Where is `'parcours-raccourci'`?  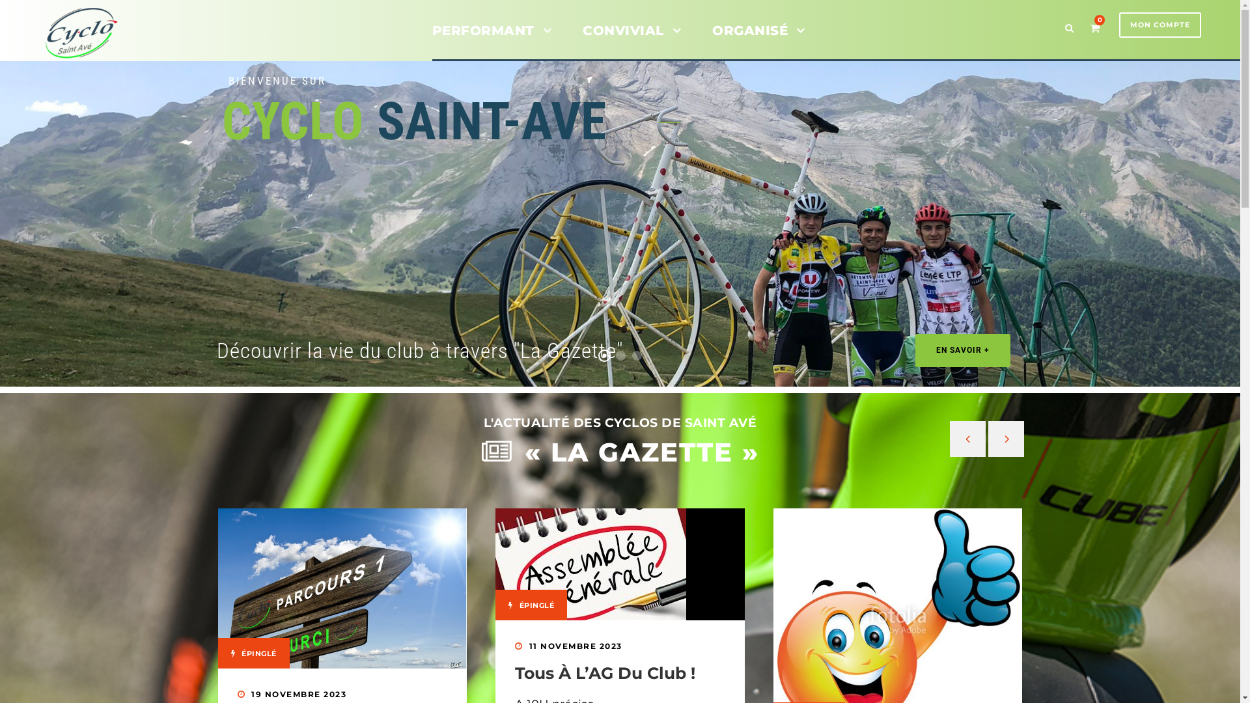
'parcours-raccourci' is located at coordinates (342, 588).